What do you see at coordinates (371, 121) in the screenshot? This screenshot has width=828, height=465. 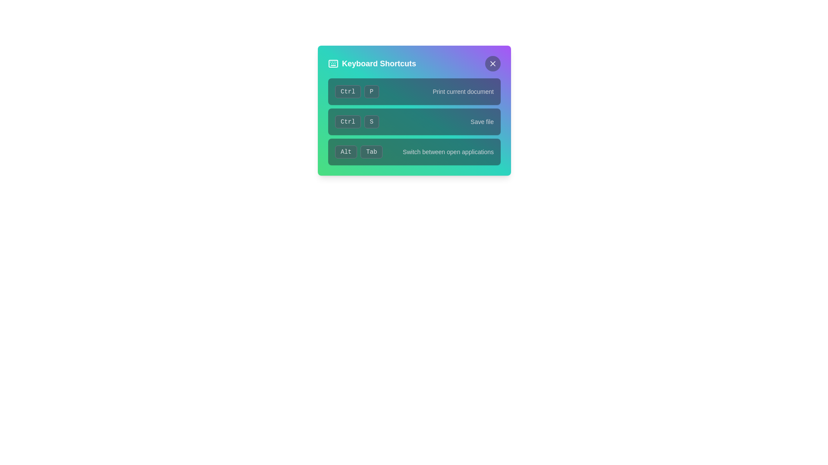 I see `the rounded rectangular button labeled 'S' with a dark background and light text, located in the second row of a key combination group next to the 'Ctrl' button` at bounding box center [371, 121].